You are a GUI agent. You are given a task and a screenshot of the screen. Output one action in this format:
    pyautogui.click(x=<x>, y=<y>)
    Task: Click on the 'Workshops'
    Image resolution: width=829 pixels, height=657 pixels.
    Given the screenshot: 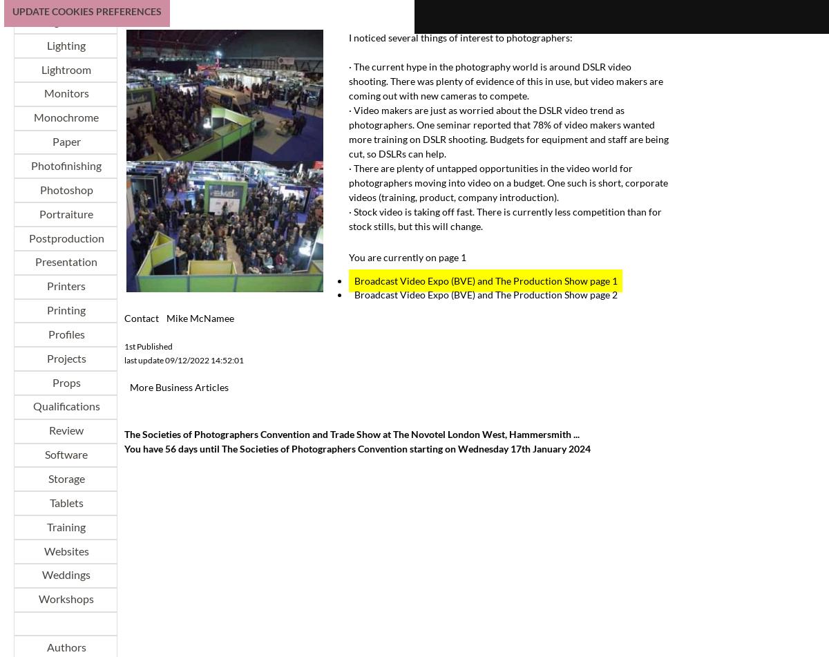 What is the action you would take?
    pyautogui.click(x=66, y=598)
    